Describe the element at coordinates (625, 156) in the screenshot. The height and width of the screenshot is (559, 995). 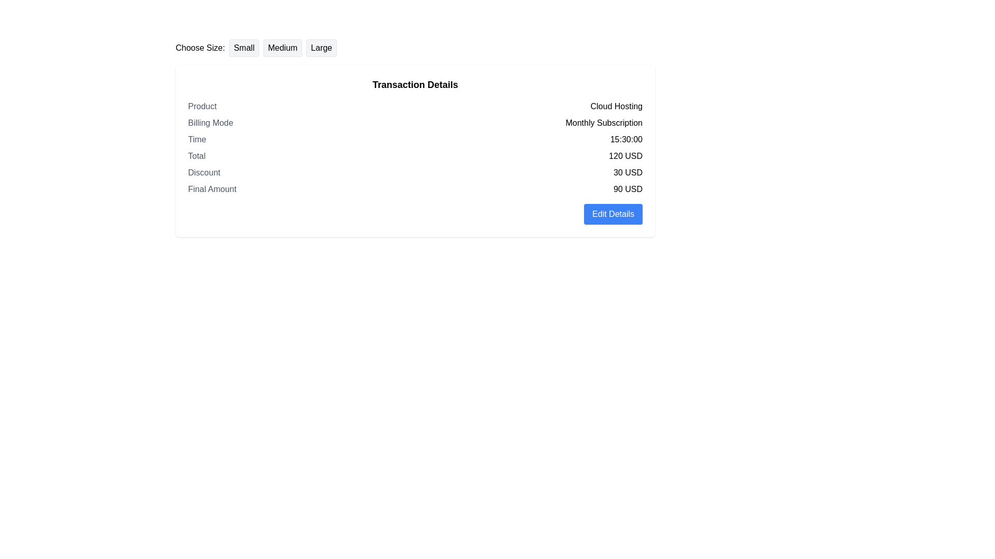
I see `the text display showing '120 USD' in the 'Total' row of the 'Transaction Details' section, which is aligned to the right` at that location.